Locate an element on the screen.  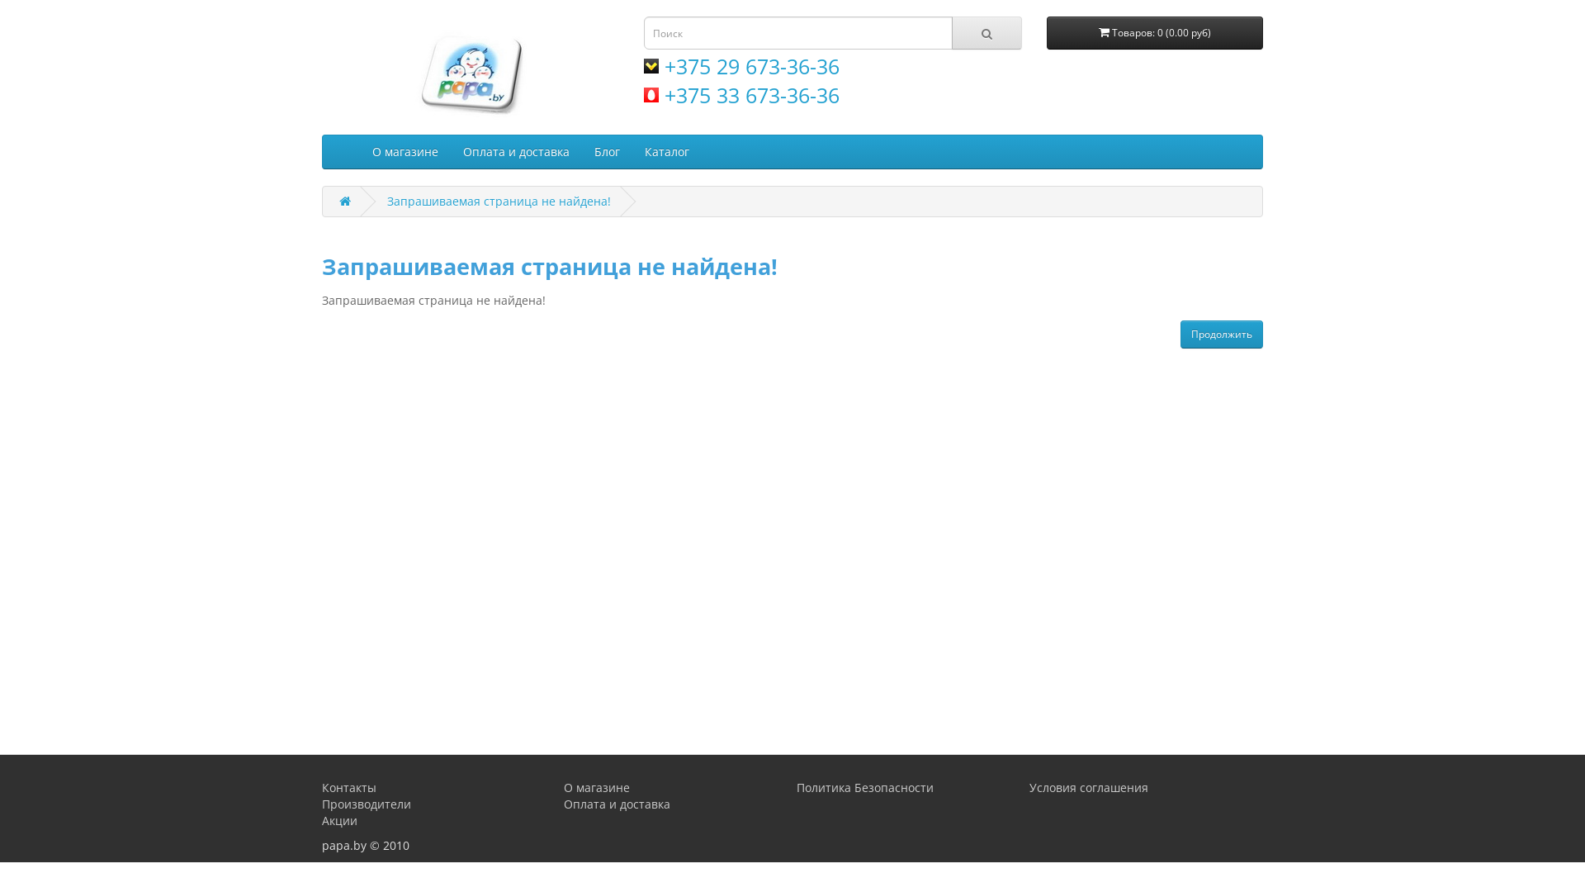
'+375 29 673-36-36' is located at coordinates (740, 65).